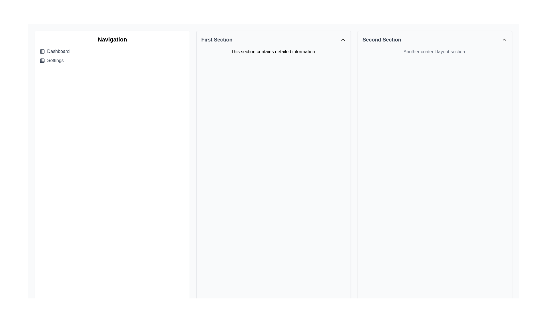 Image resolution: width=549 pixels, height=309 pixels. What do you see at coordinates (504, 39) in the screenshot?
I see `the chevron-up button/icon located at the far right of the header area in the 'Second Section'` at bounding box center [504, 39].